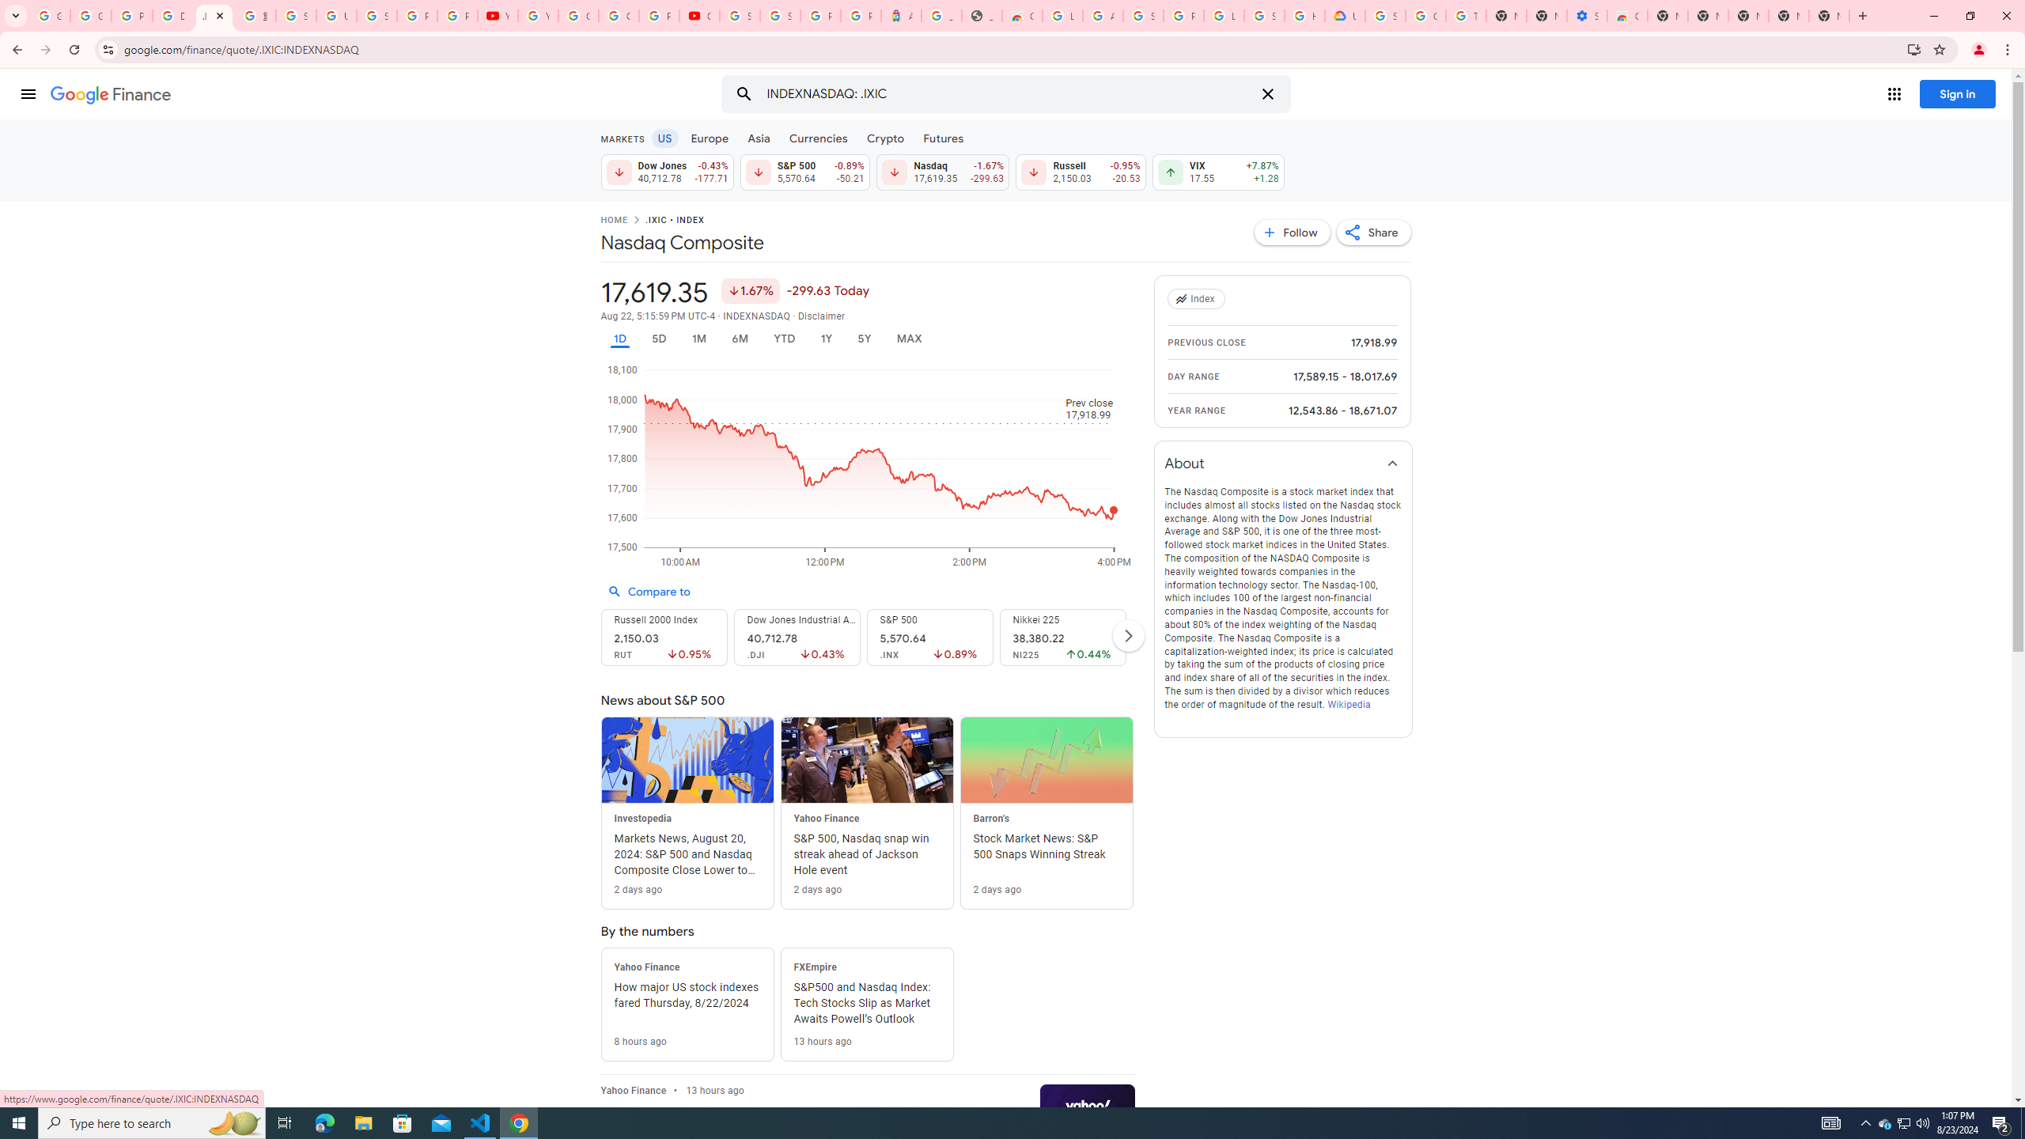 Image resolution: width=2025 pixels, height=1139 pixels. I want to click on '5D', so click(658, 339).